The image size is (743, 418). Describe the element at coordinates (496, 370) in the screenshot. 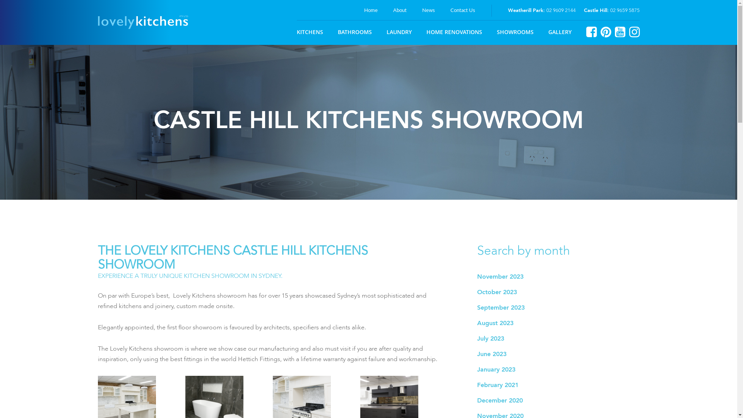

I see `'January 2023'` at that location.